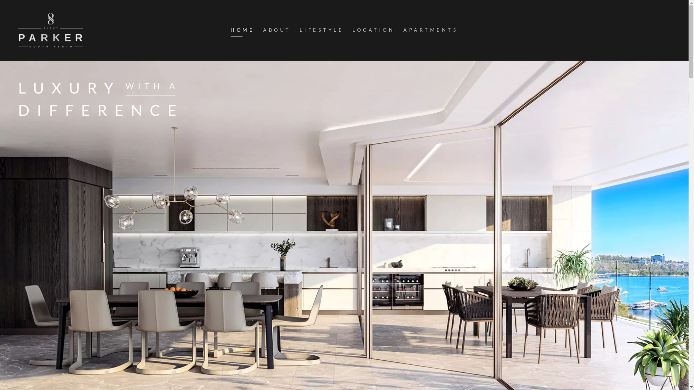 The width and height of the screenshot is (694, 390). I want to click on 'LIFESTYLE', so click(321, 30).